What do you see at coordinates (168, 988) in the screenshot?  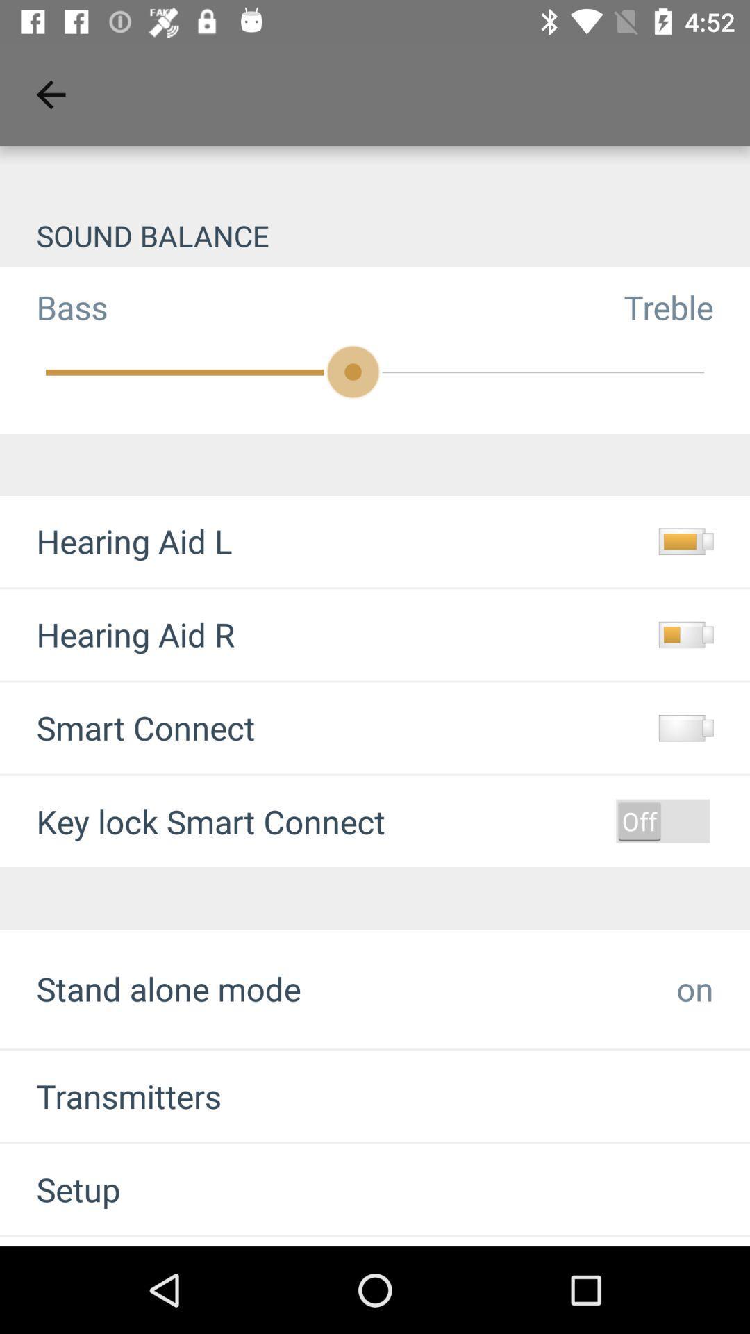 I see `stand alone mode` at bounding box center [168, 988].